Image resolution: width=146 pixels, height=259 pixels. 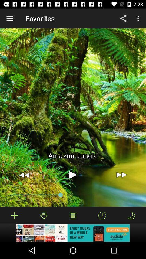 I want to click on download song, so click(x=44, y=215).